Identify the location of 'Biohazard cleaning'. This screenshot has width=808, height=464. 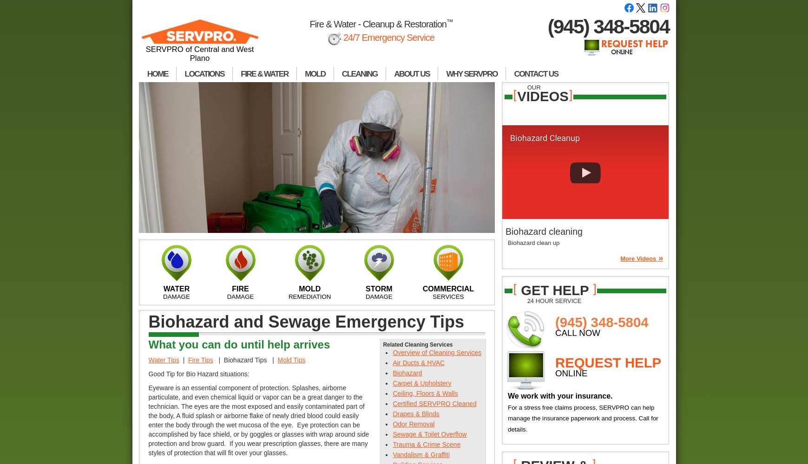
(505, 231).